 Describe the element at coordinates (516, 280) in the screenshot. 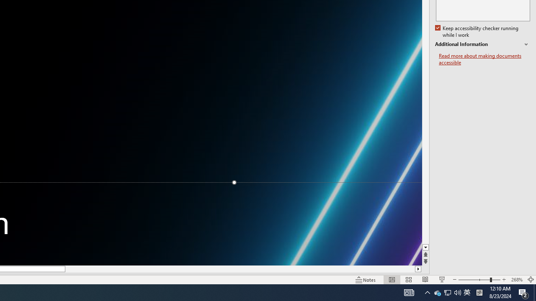

I see `'Zoom 268%'` at that location.